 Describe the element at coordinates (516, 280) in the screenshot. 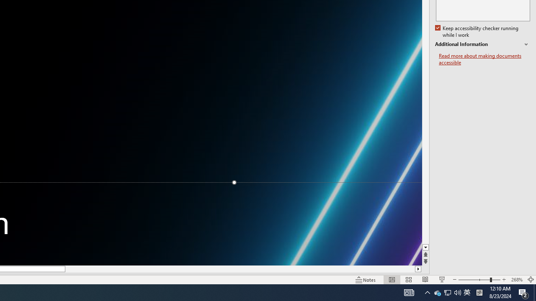

I see `'Zoom 268%'` at that location.